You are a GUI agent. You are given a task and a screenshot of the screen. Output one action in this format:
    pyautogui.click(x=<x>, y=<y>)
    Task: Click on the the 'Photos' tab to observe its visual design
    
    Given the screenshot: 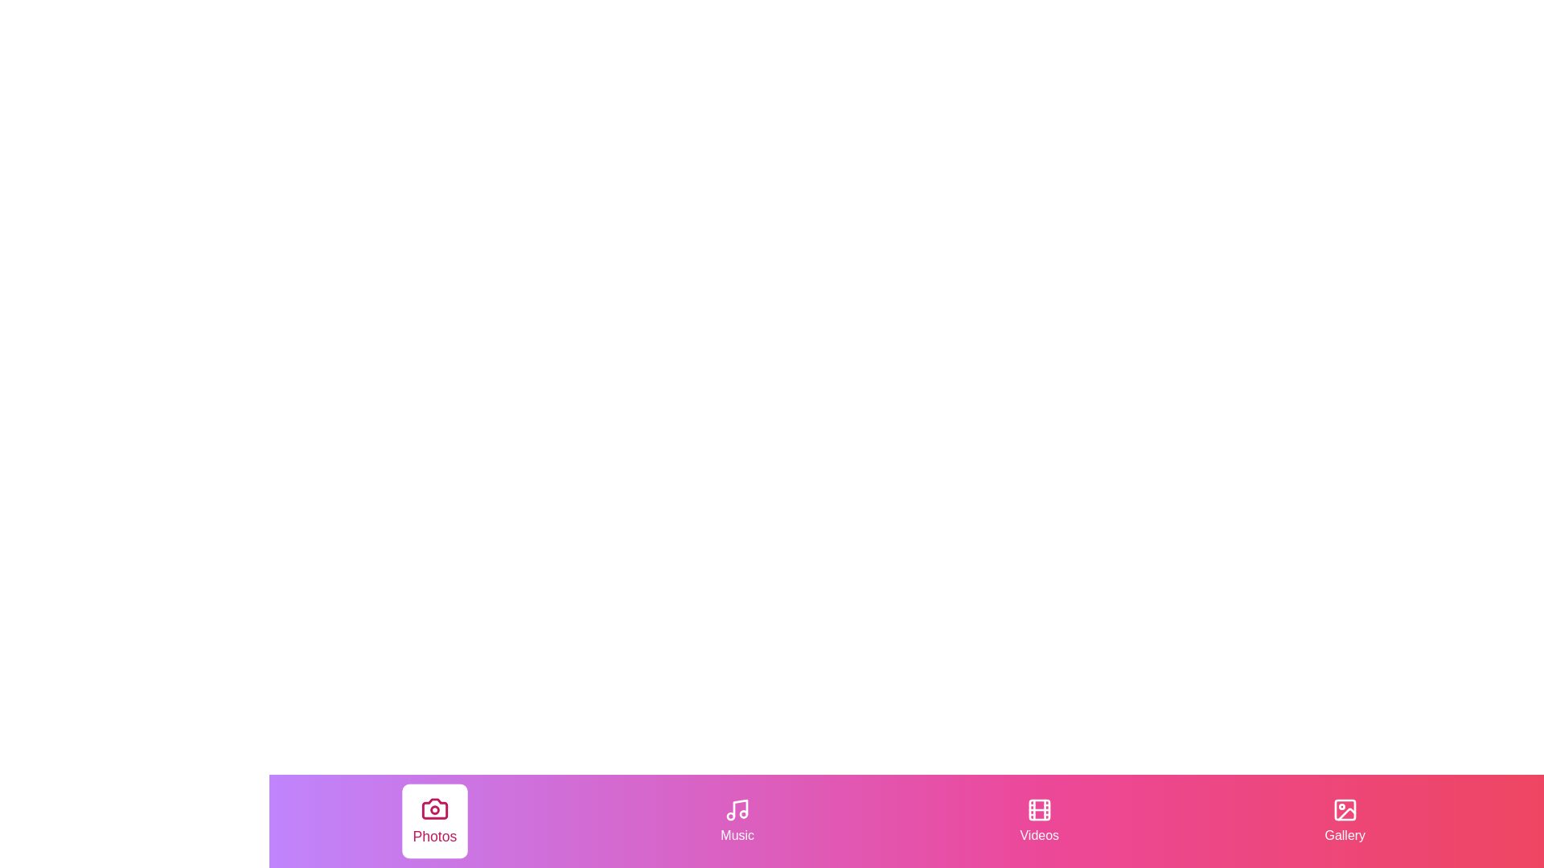 What is the action you would take?
    pyautogui.click(x=435, y=821)
    